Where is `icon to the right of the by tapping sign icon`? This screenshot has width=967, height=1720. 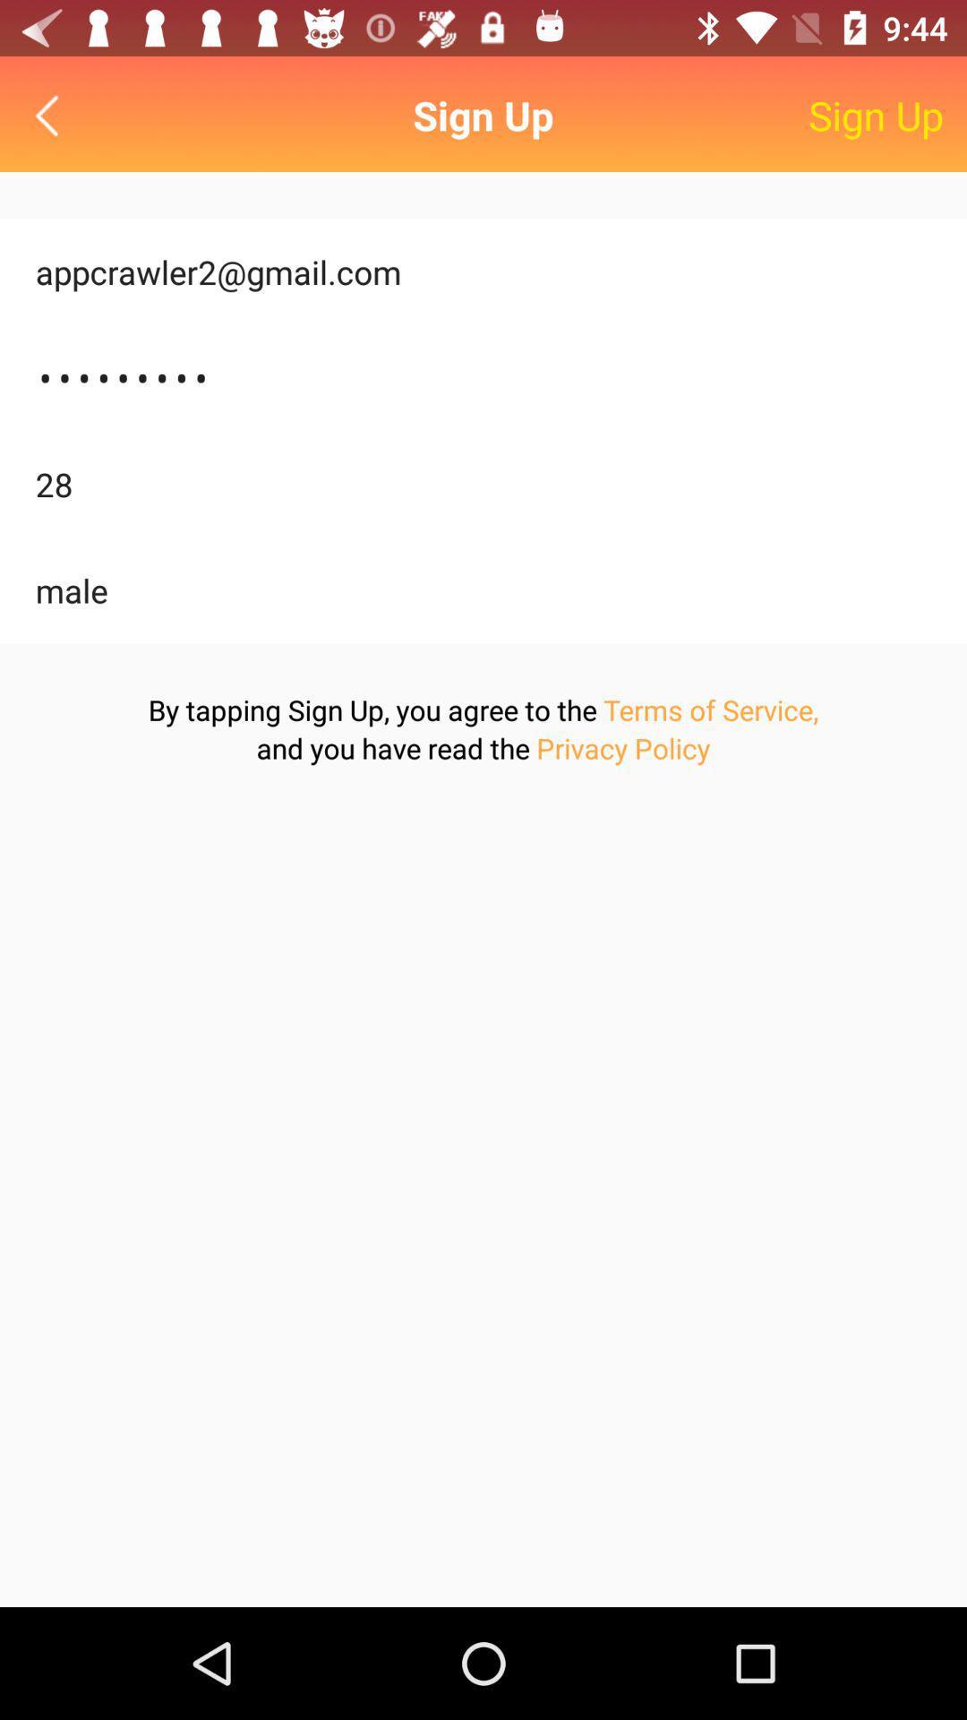
icon to the right of the by tapping sign icon is located at coordinates (710, 709).